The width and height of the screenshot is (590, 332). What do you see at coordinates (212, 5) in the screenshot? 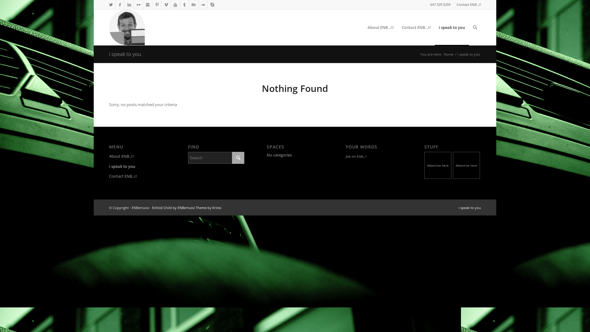
I see `'Skype'` at bounding box center [212, 5].